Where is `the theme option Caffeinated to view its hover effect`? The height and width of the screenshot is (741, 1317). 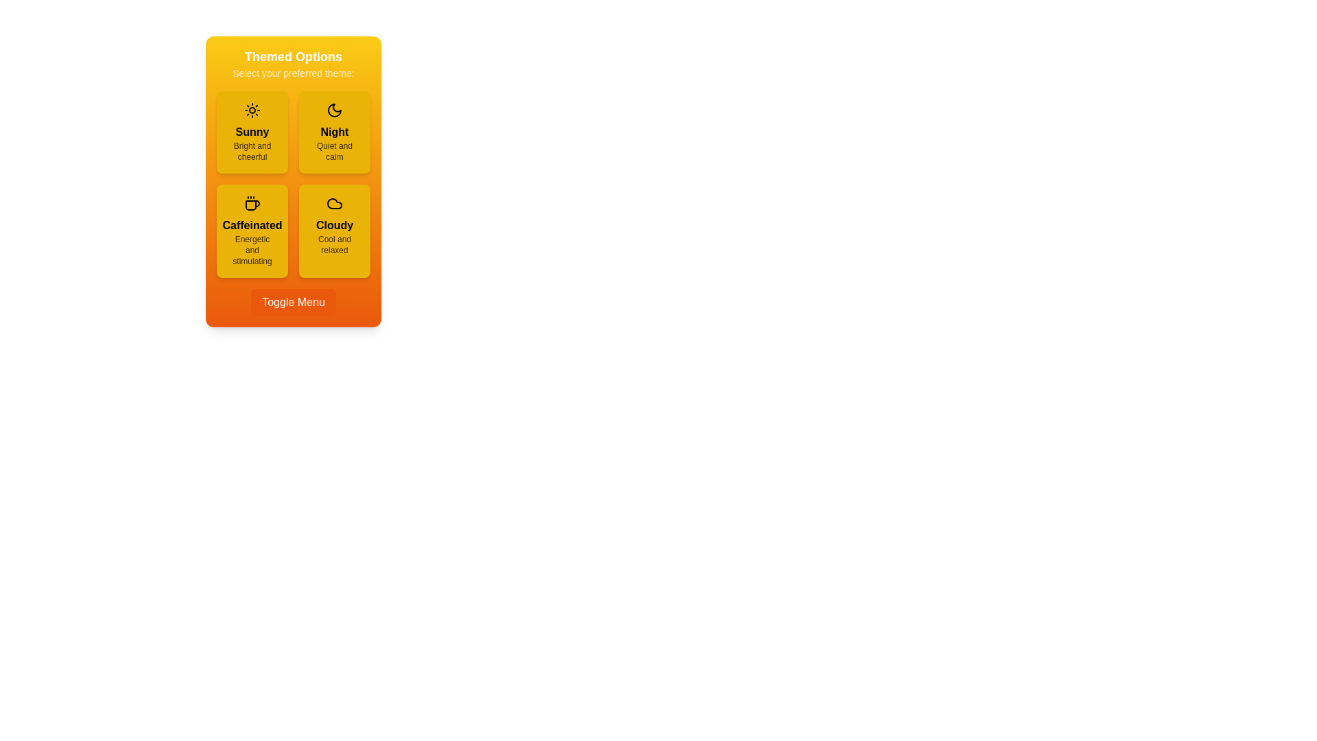
the theme option Caffeinated to view its hover effect is located at coordinates (252, 230).